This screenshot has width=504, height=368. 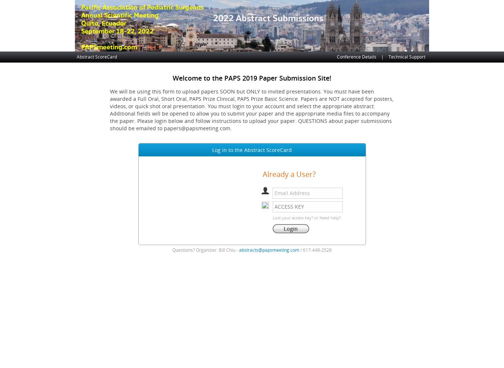 What do you see at coordinates (407, 57) in the screenshot?
I see `'Technical Support'` at bounding box center [407, 57].